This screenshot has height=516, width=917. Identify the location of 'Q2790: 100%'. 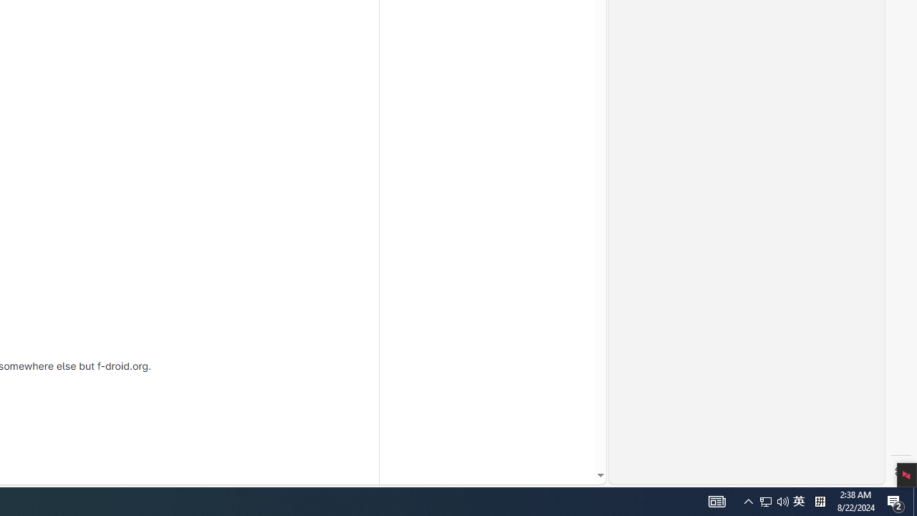
(798, 500).